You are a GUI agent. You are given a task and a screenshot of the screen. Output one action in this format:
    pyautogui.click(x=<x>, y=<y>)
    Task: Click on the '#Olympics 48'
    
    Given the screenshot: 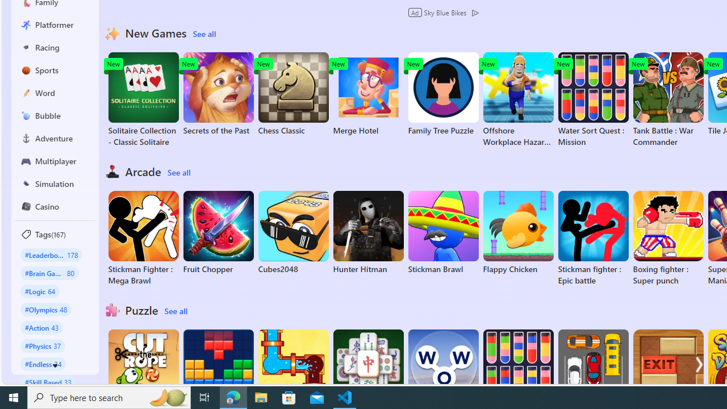 What is the action you would take?
    pyautogui.click(x=45, y=309)
    